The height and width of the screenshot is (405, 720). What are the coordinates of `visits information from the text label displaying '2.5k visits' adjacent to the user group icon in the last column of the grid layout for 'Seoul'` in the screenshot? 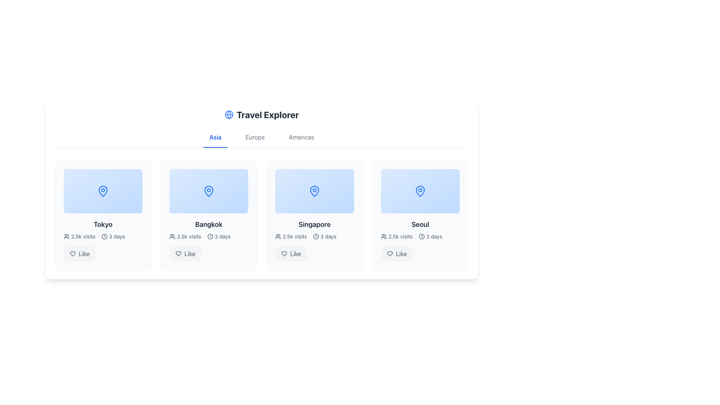 It's located at (396, 237).